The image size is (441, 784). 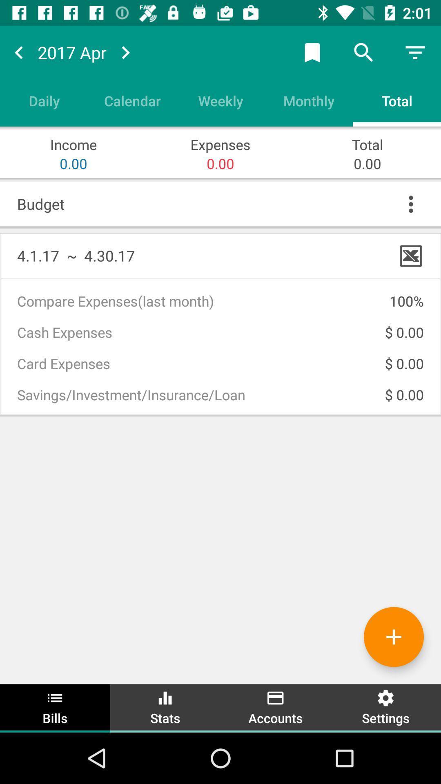 What do you see at coordinates (132, 100) in the screenshot?
I see `the icon below 2017 apr` at bounding box center [132, 100].